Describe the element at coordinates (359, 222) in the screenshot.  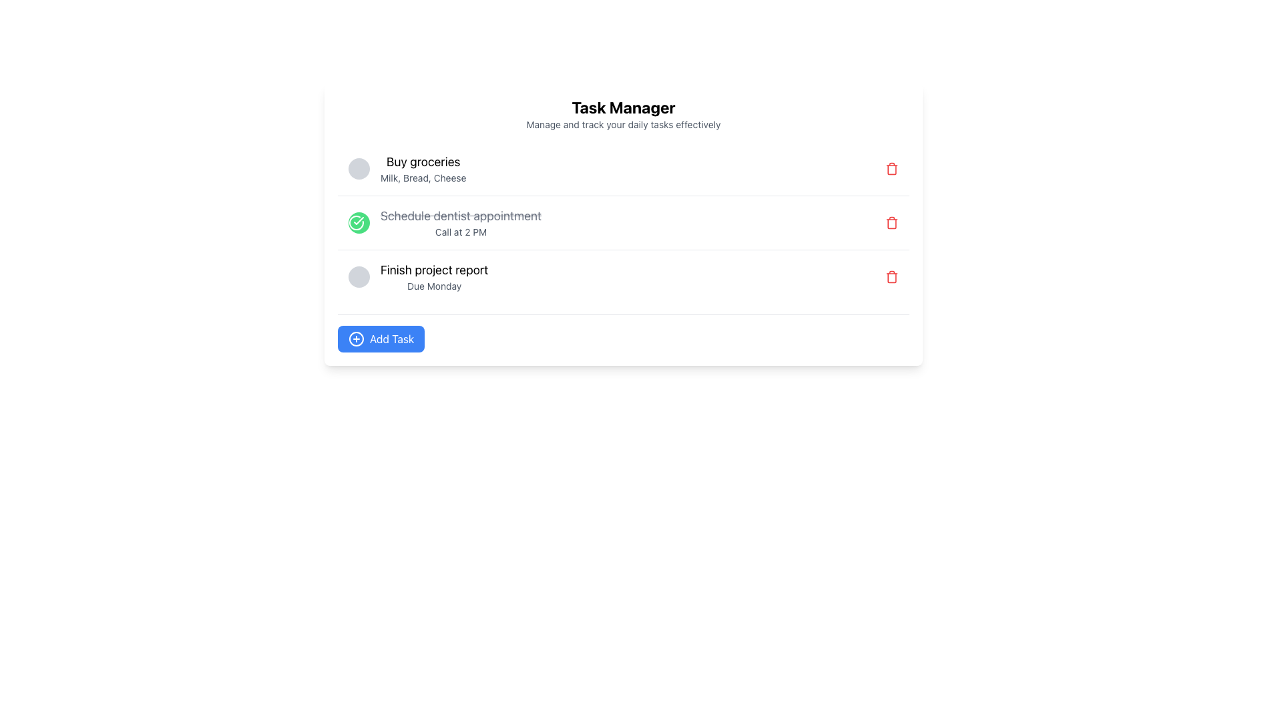
I see `the Toggle button (completion indicator)` at that location.